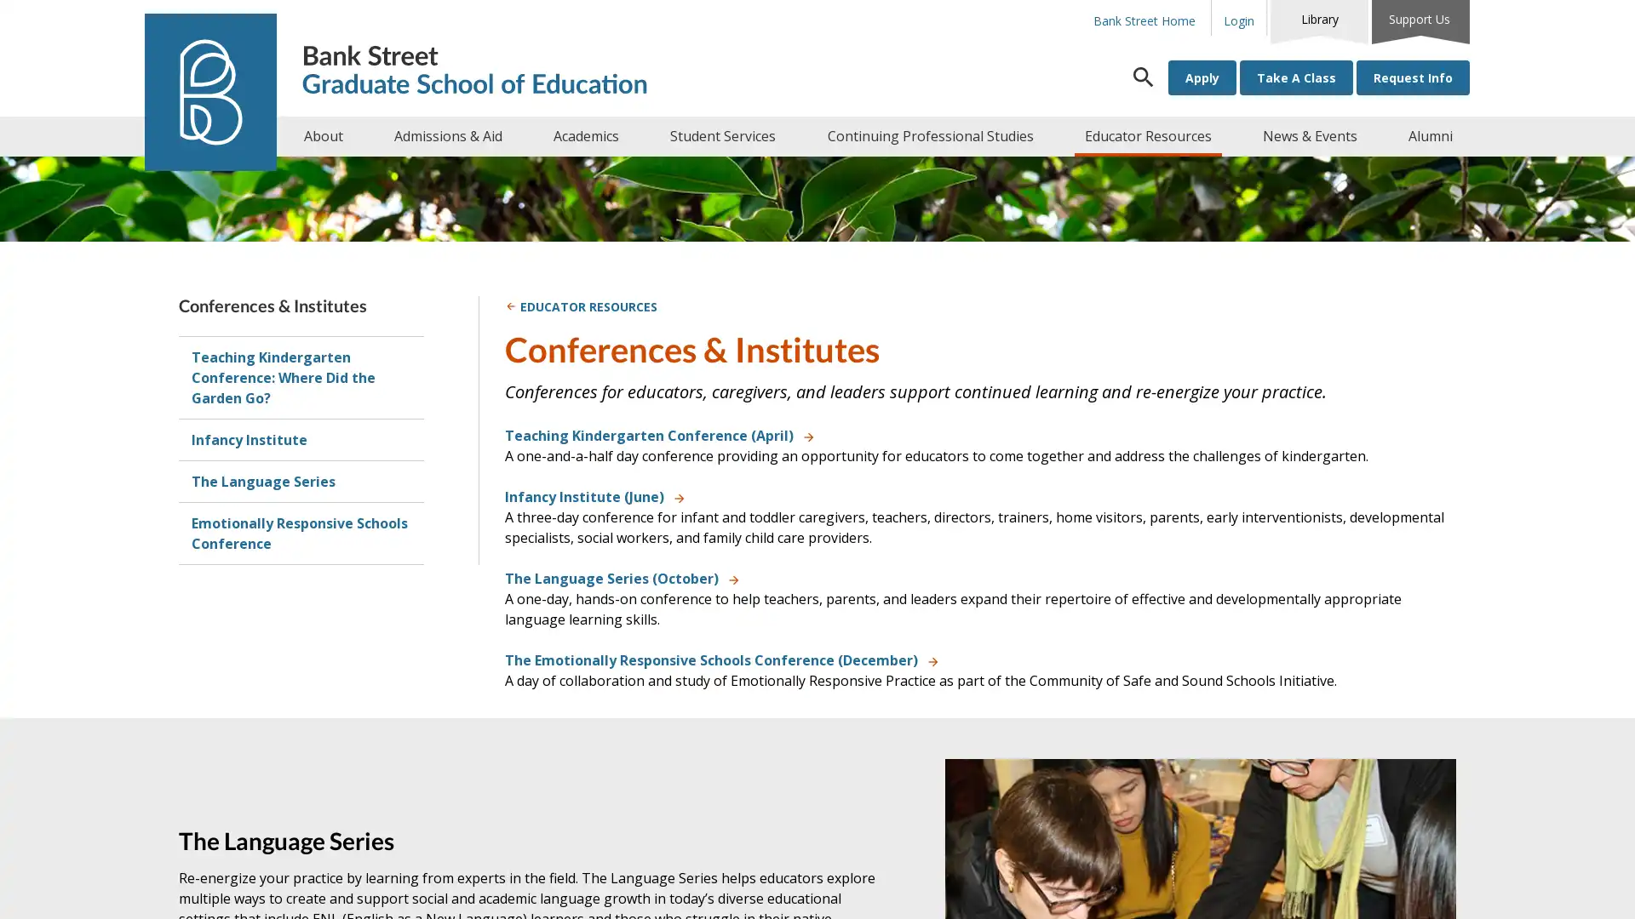 The image size is (1635, 919). Describe the element at coordinates (586, 135) in the screenshot. I see `Academics` at that location.